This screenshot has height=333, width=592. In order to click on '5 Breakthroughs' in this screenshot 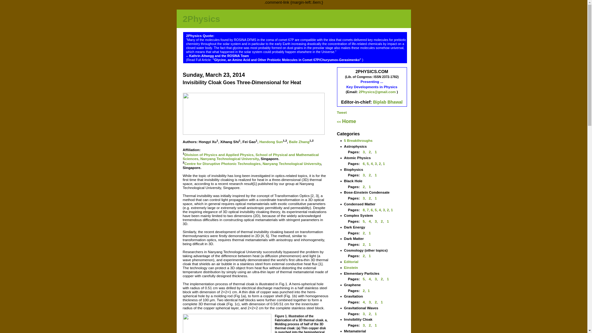, I will do `click(358, 140)`.